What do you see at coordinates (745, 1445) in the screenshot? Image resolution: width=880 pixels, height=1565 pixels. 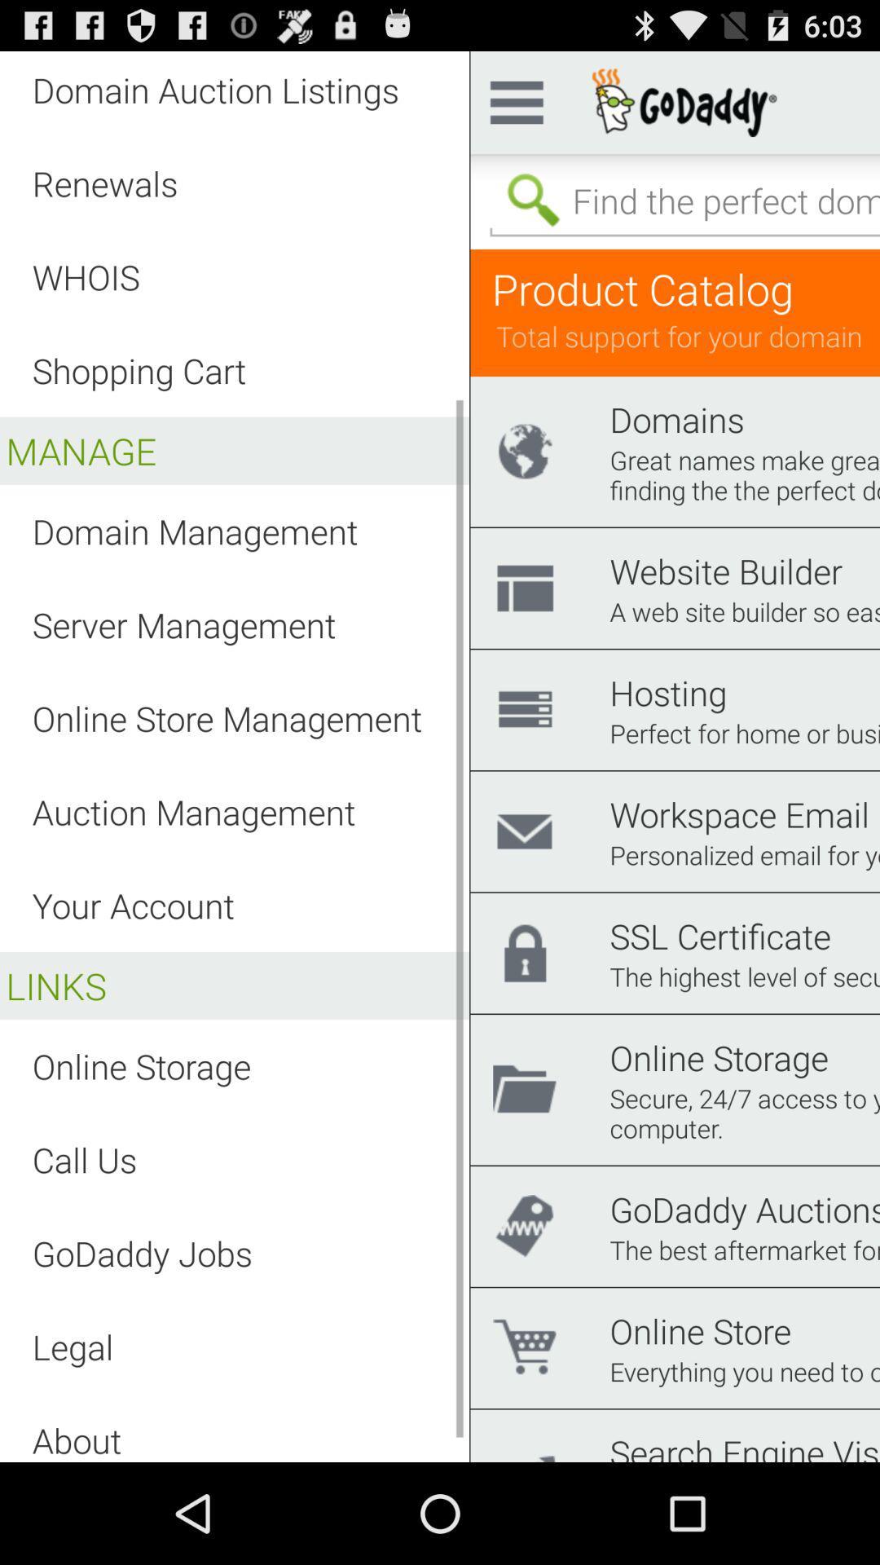 I see `the search engine visibility` at bounding box center [745, 1445].